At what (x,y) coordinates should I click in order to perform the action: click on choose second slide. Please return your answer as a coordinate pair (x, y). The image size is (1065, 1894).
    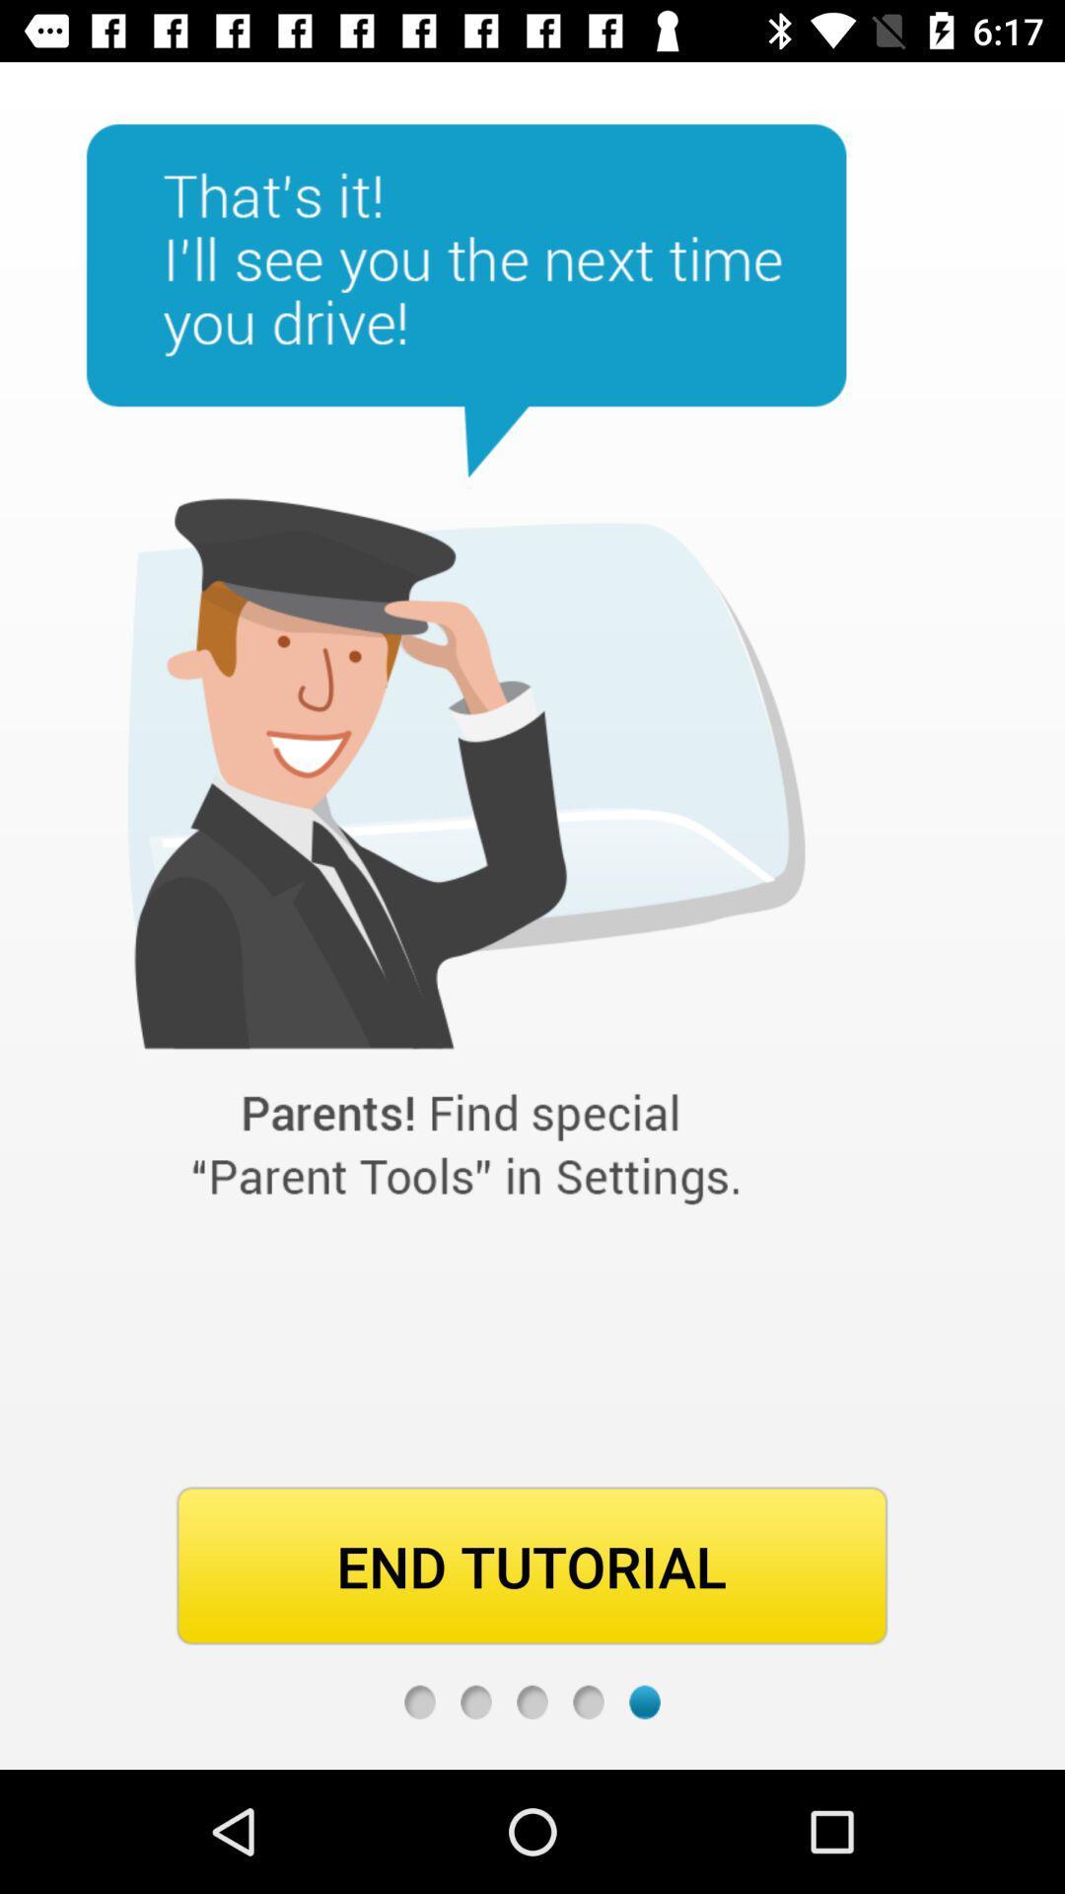
    Looking at the image, I should click on (475, 1701).